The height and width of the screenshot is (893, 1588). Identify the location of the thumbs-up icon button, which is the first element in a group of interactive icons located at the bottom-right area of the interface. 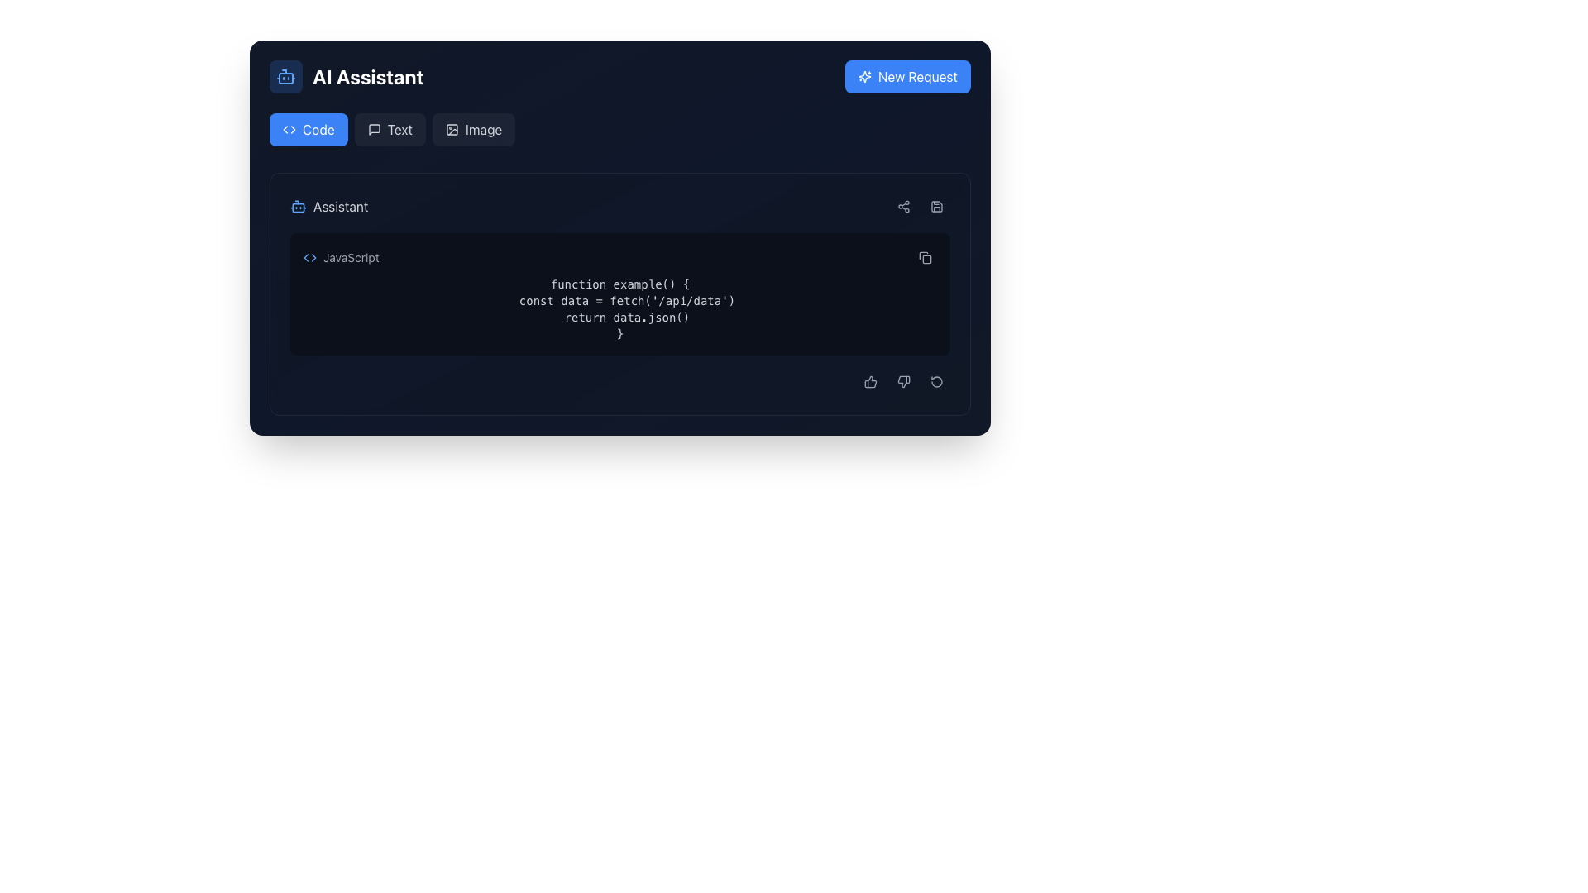
(869, 382).